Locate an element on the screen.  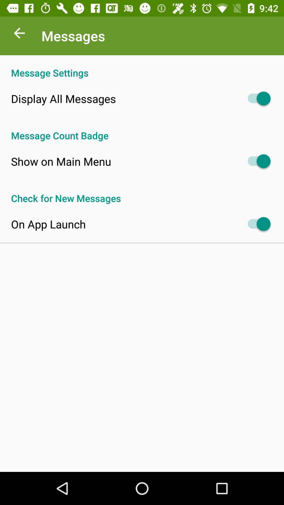
item above the check for new icon is located at coordinates (61, 161).